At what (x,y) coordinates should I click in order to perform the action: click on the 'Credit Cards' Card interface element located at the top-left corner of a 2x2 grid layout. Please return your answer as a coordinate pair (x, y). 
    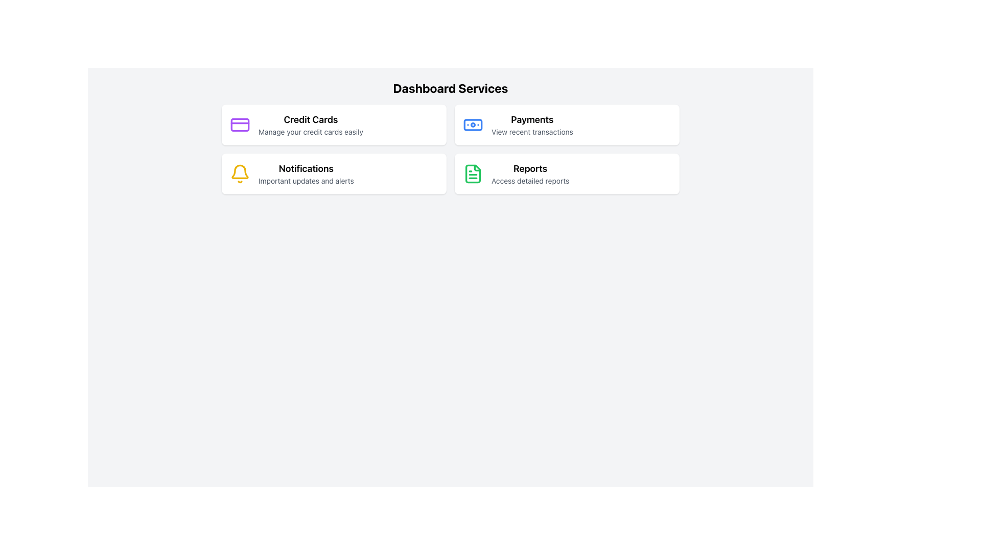
    Looking at the image, I should click on (334, 124).